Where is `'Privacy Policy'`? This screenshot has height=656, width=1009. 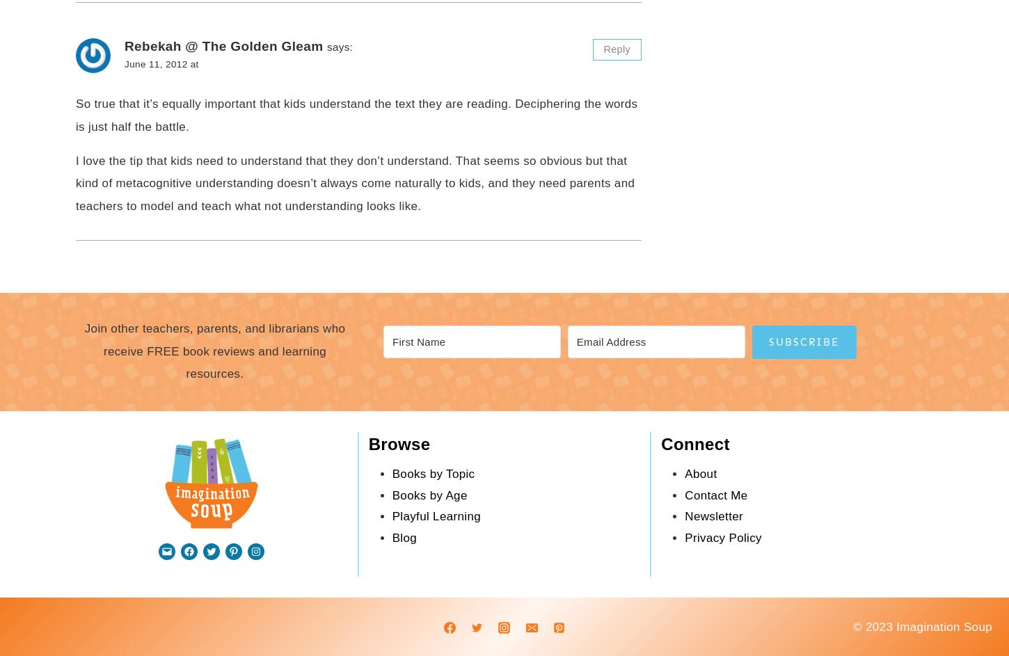 'Privacy Policy' is located at coordinates (723, 537).